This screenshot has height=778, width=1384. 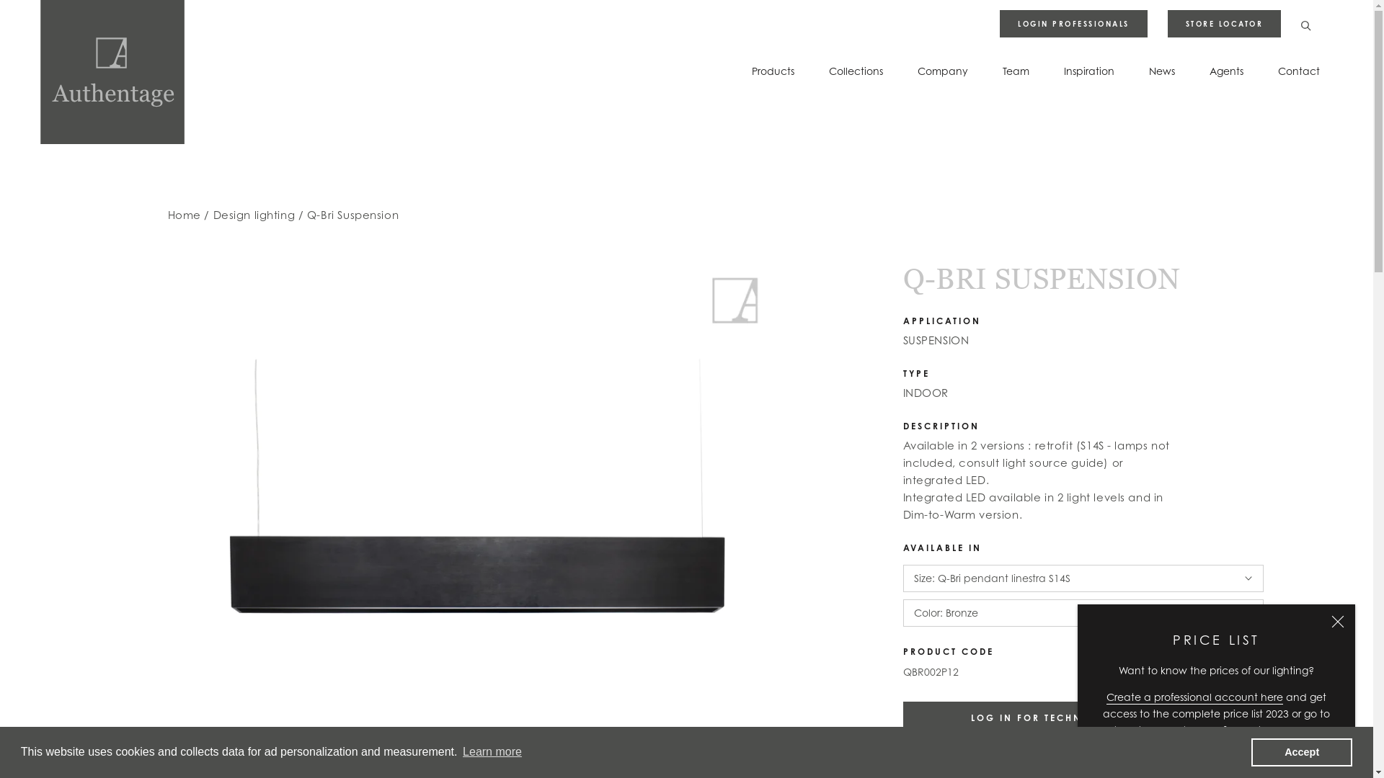 I want to click on 'Home', so click(x=167, y=215).